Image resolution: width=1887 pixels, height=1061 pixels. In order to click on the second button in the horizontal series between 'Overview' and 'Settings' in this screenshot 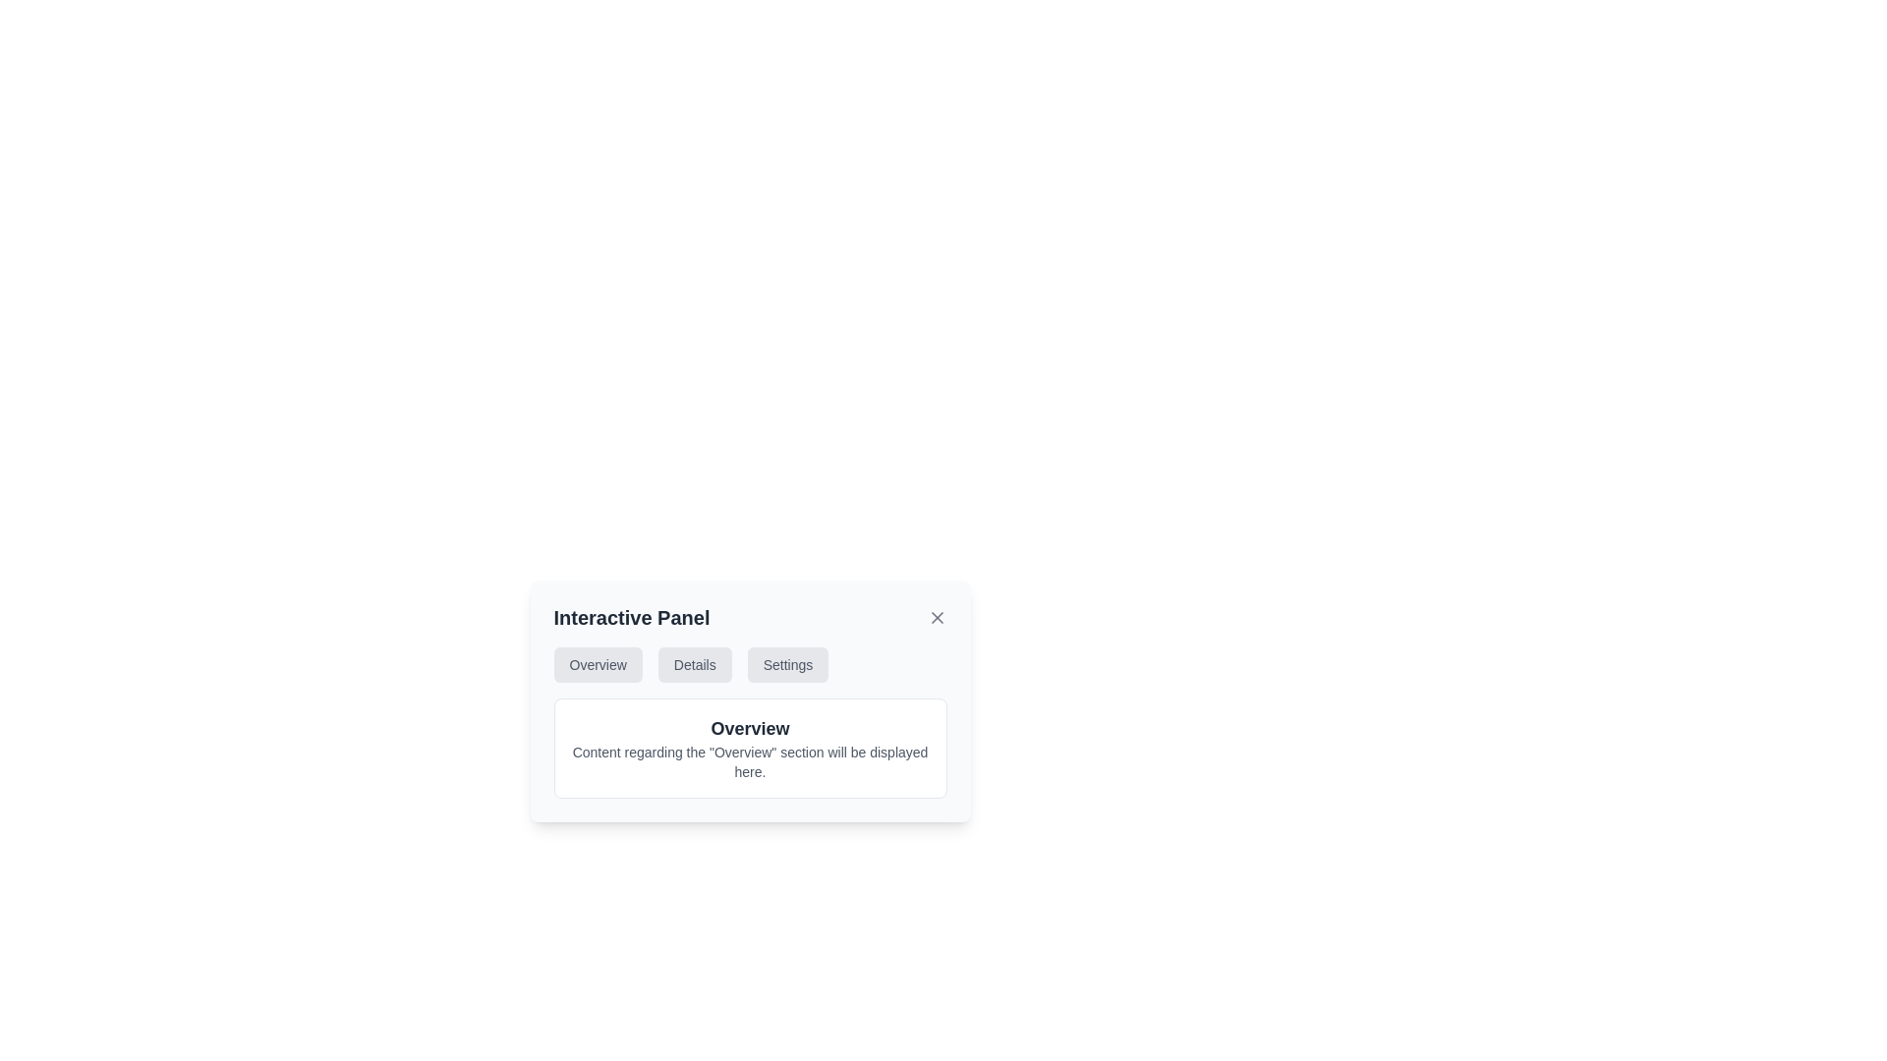, I will do `click(694, 664)`.